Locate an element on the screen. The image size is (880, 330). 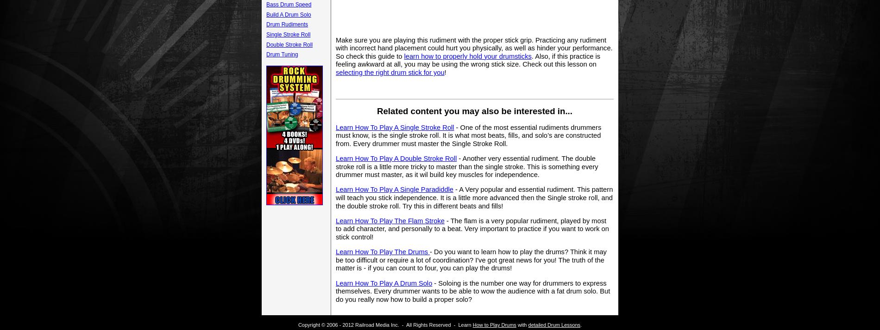
'Learn How To Play The Drums' is located at coordinates (335, 251).